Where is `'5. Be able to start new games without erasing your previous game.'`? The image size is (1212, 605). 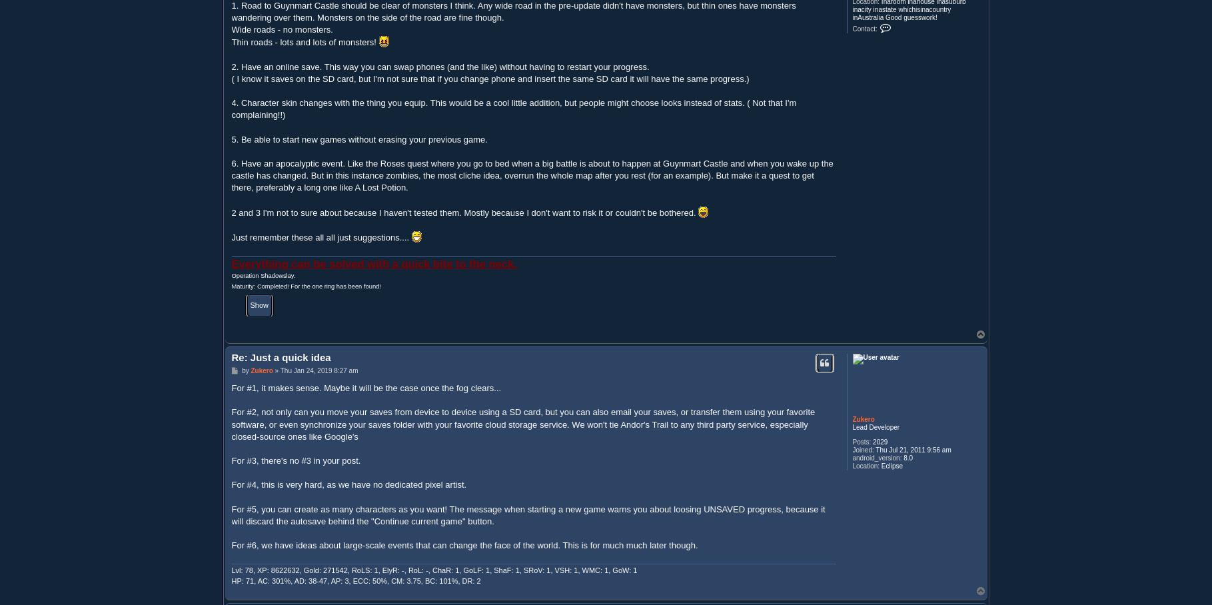 '5. Be able to start new games without erasing your previous game.' is located at coordinates (231, 139).